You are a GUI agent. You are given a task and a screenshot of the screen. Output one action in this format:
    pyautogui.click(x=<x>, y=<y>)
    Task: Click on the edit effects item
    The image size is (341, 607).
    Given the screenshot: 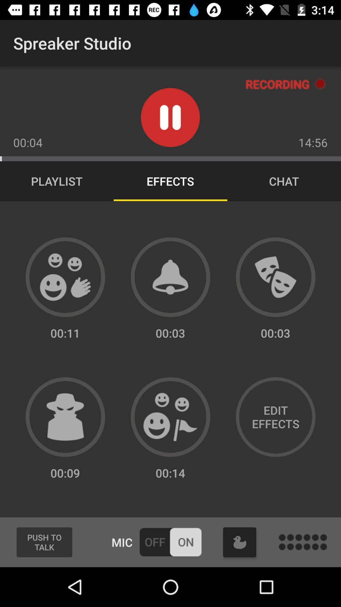 What is the action you would take?
    pyautogui.click(x=275, y=417)
    